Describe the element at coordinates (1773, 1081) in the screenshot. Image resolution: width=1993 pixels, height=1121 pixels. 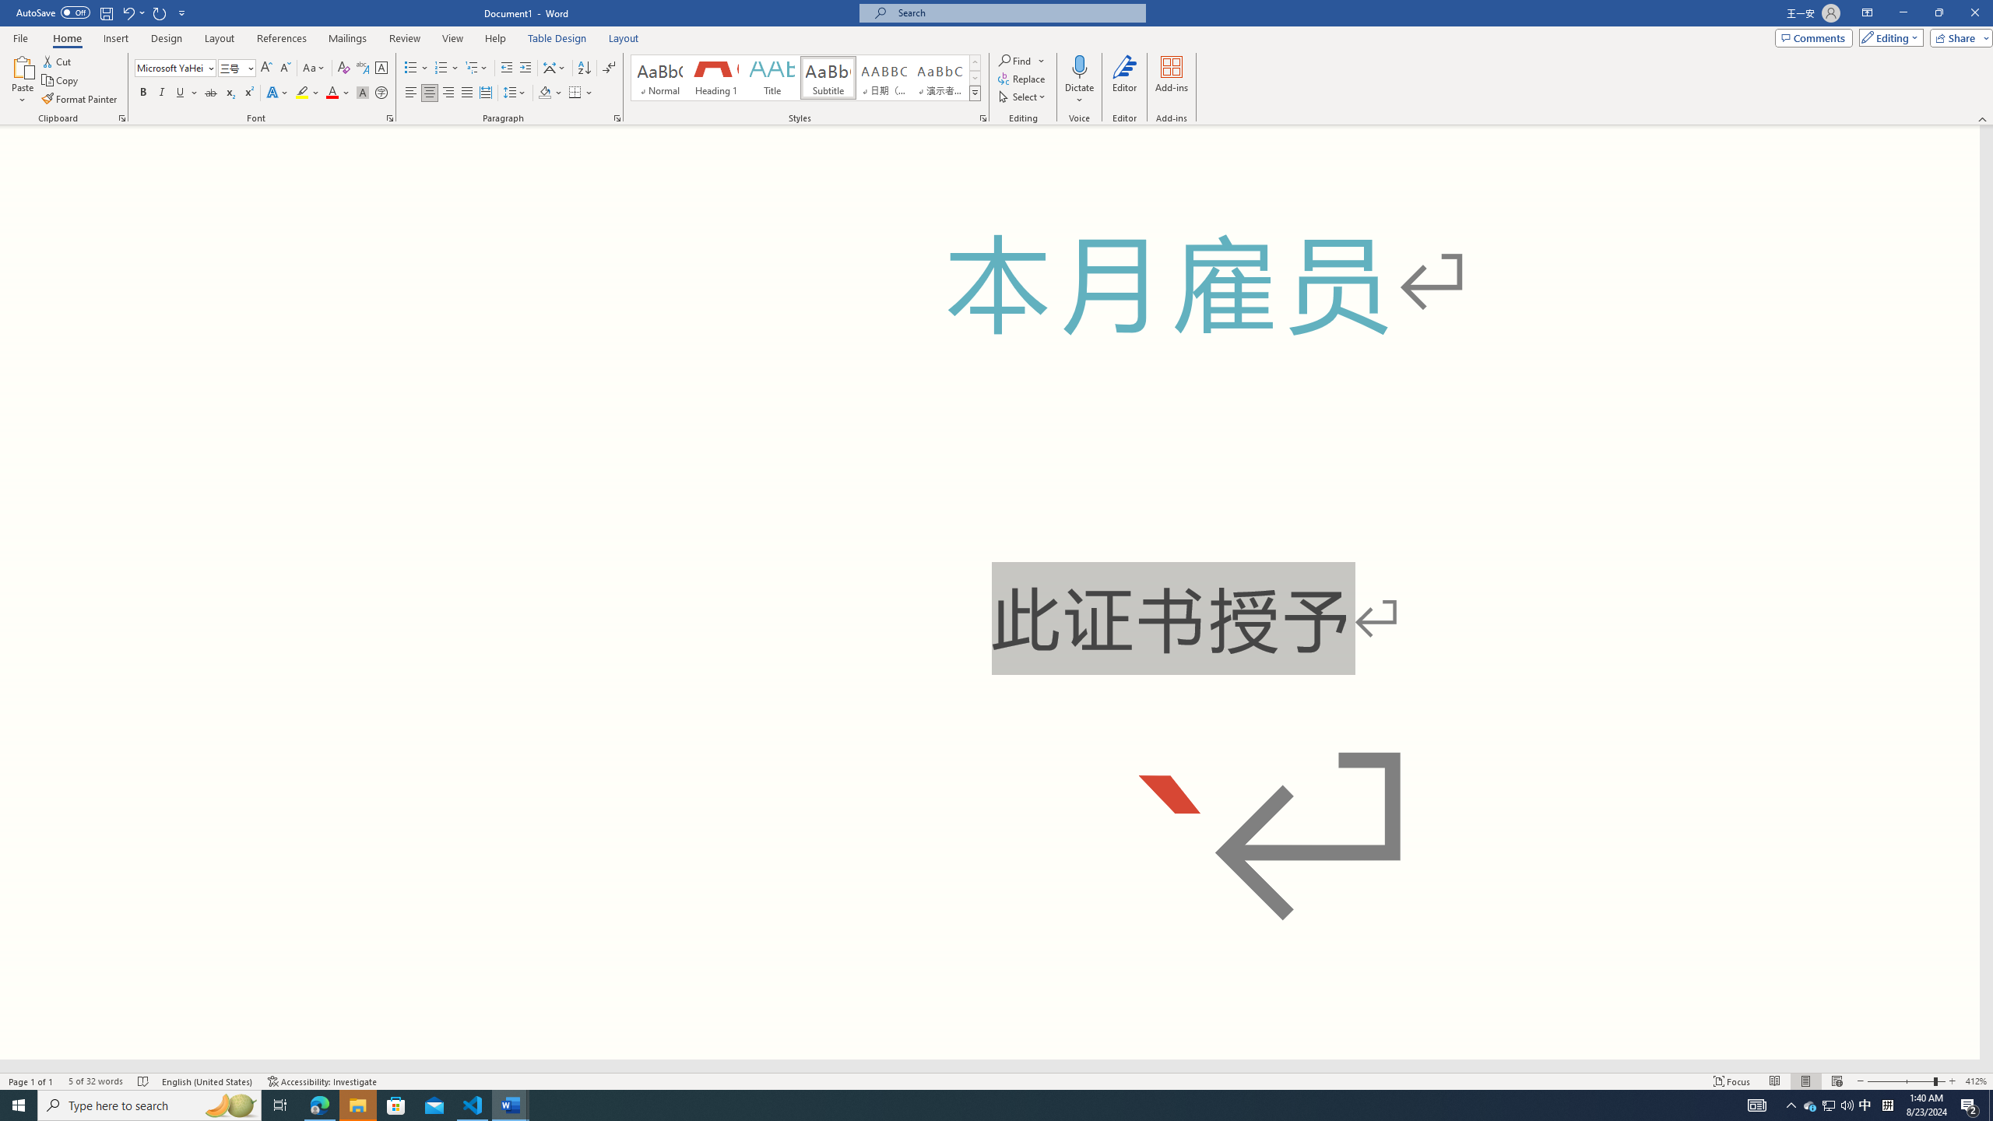
I see `'Read Mode'` at that location.